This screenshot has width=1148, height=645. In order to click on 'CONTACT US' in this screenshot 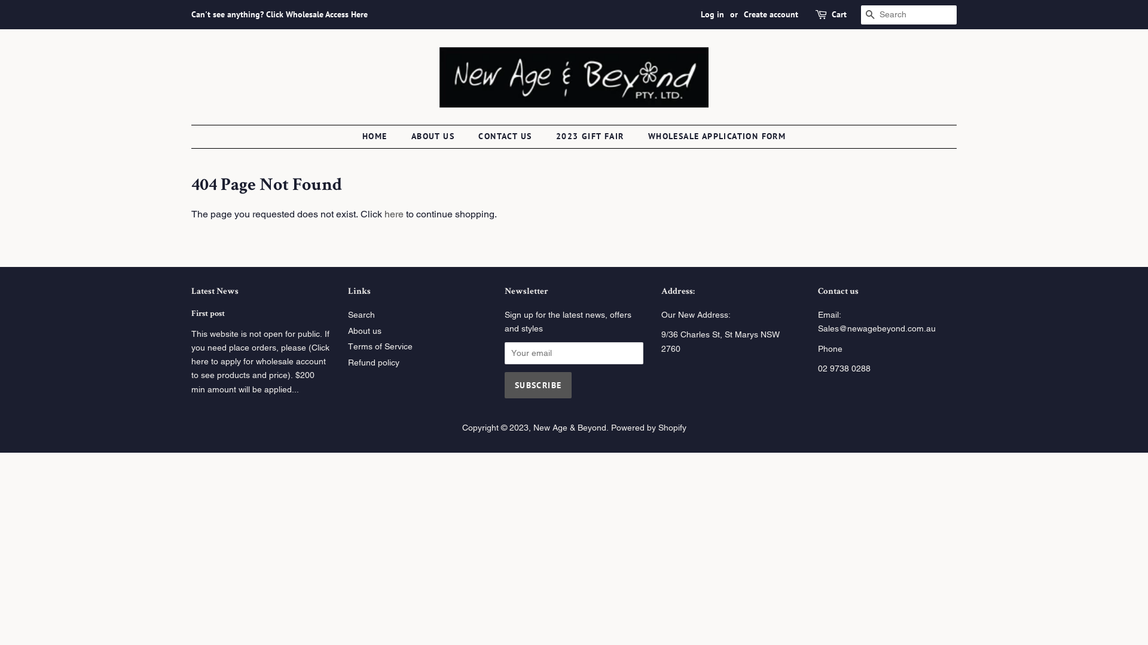, I will do `click(506, 136)`.